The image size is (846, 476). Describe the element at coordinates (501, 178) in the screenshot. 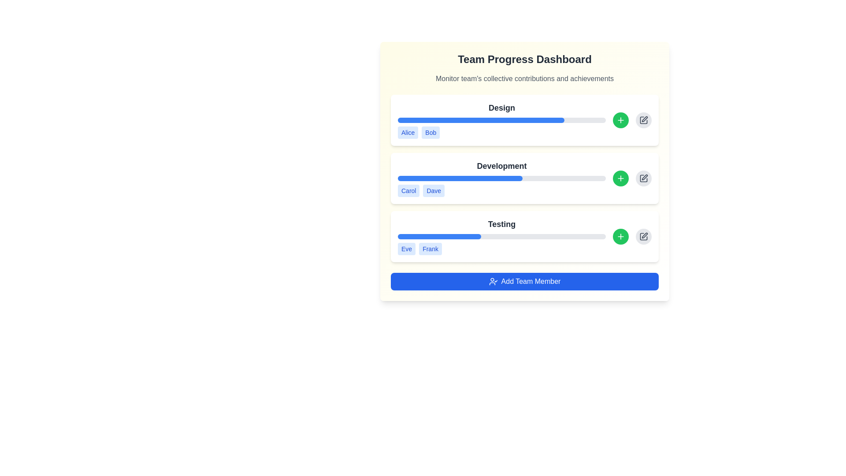

I see `the names 'Carol' and 'Dave' located below the progress bar in the 'Development' section` at that location.